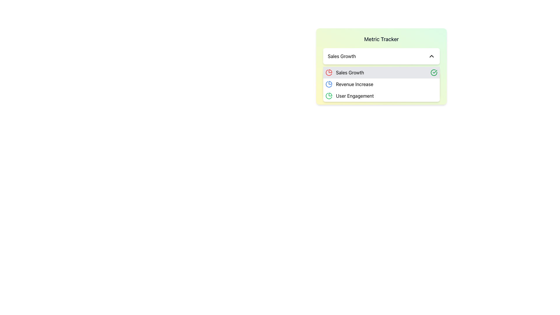  Describe the element at coordinates (381, 84) in the screenshot. I see `the 'Revenue Increase' list item in the 'Metric Tracker' dropdown menu` at that location.